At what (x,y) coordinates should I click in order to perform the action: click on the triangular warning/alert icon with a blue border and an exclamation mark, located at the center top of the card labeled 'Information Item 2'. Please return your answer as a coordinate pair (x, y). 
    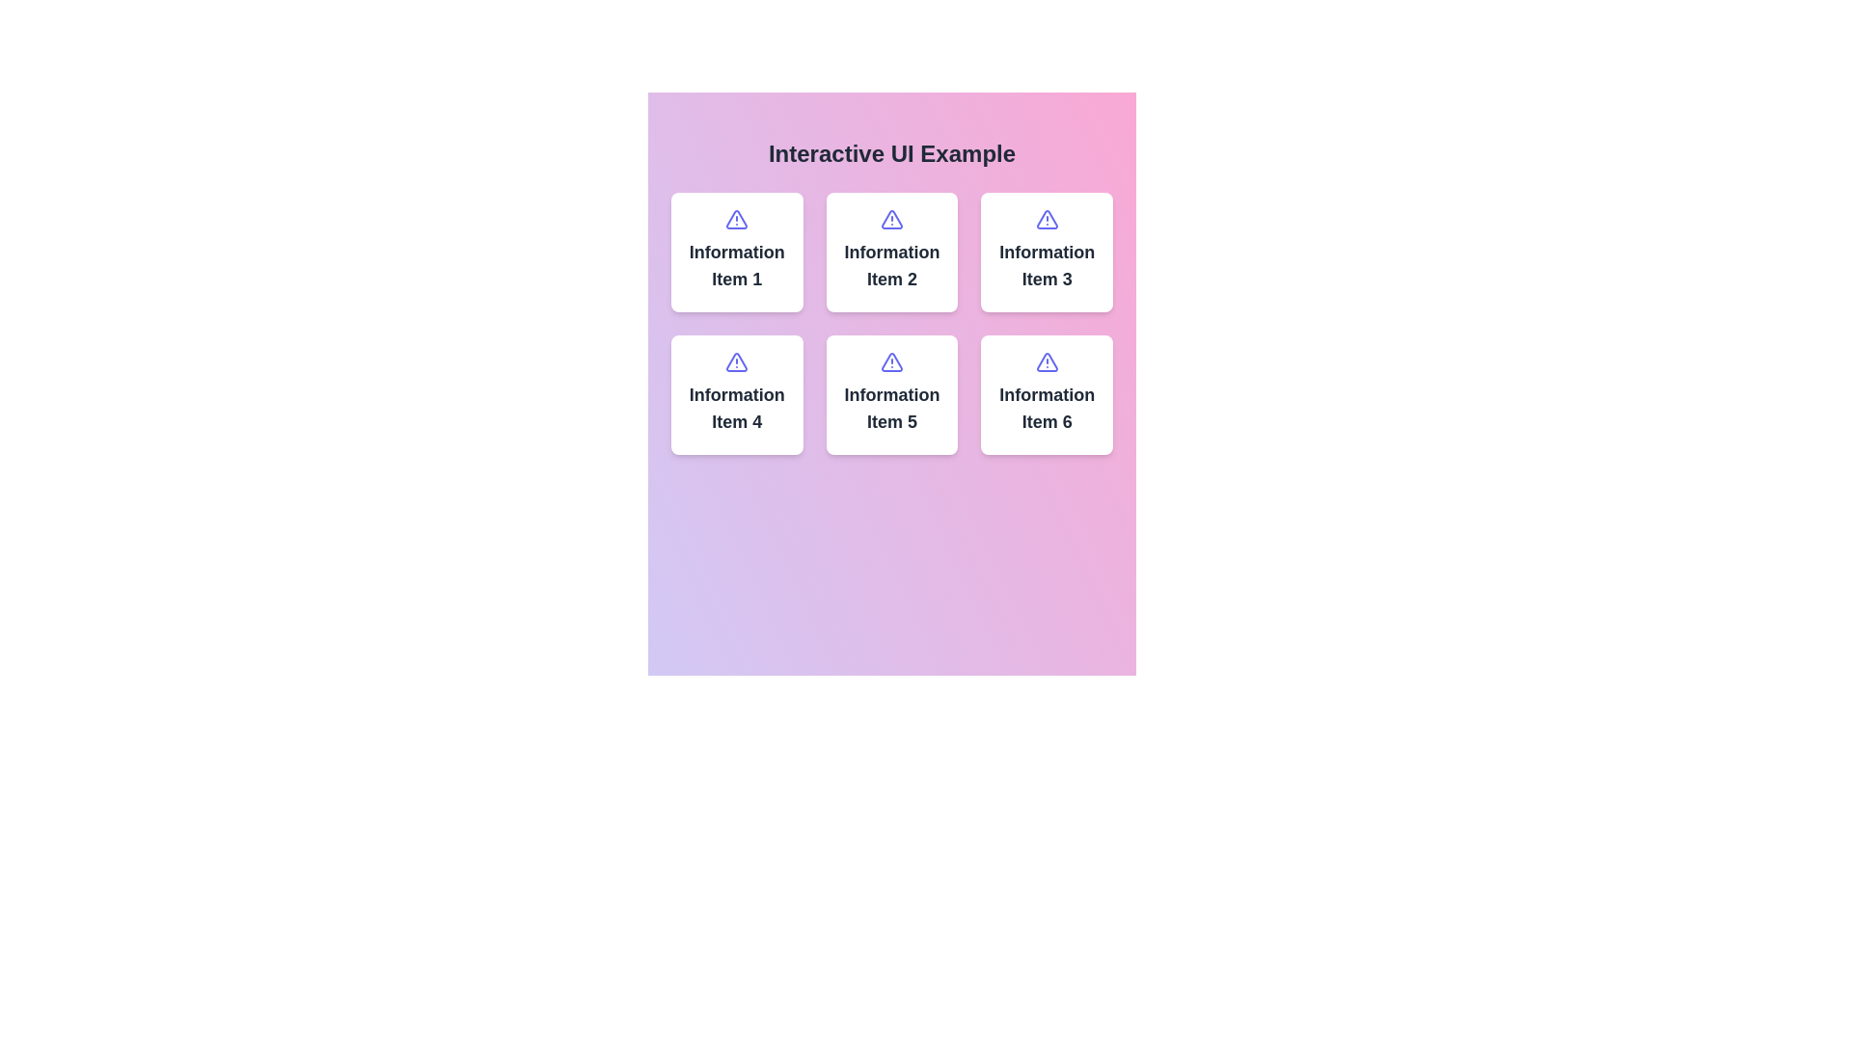
    Looking at the image, I should click on (891, 218).